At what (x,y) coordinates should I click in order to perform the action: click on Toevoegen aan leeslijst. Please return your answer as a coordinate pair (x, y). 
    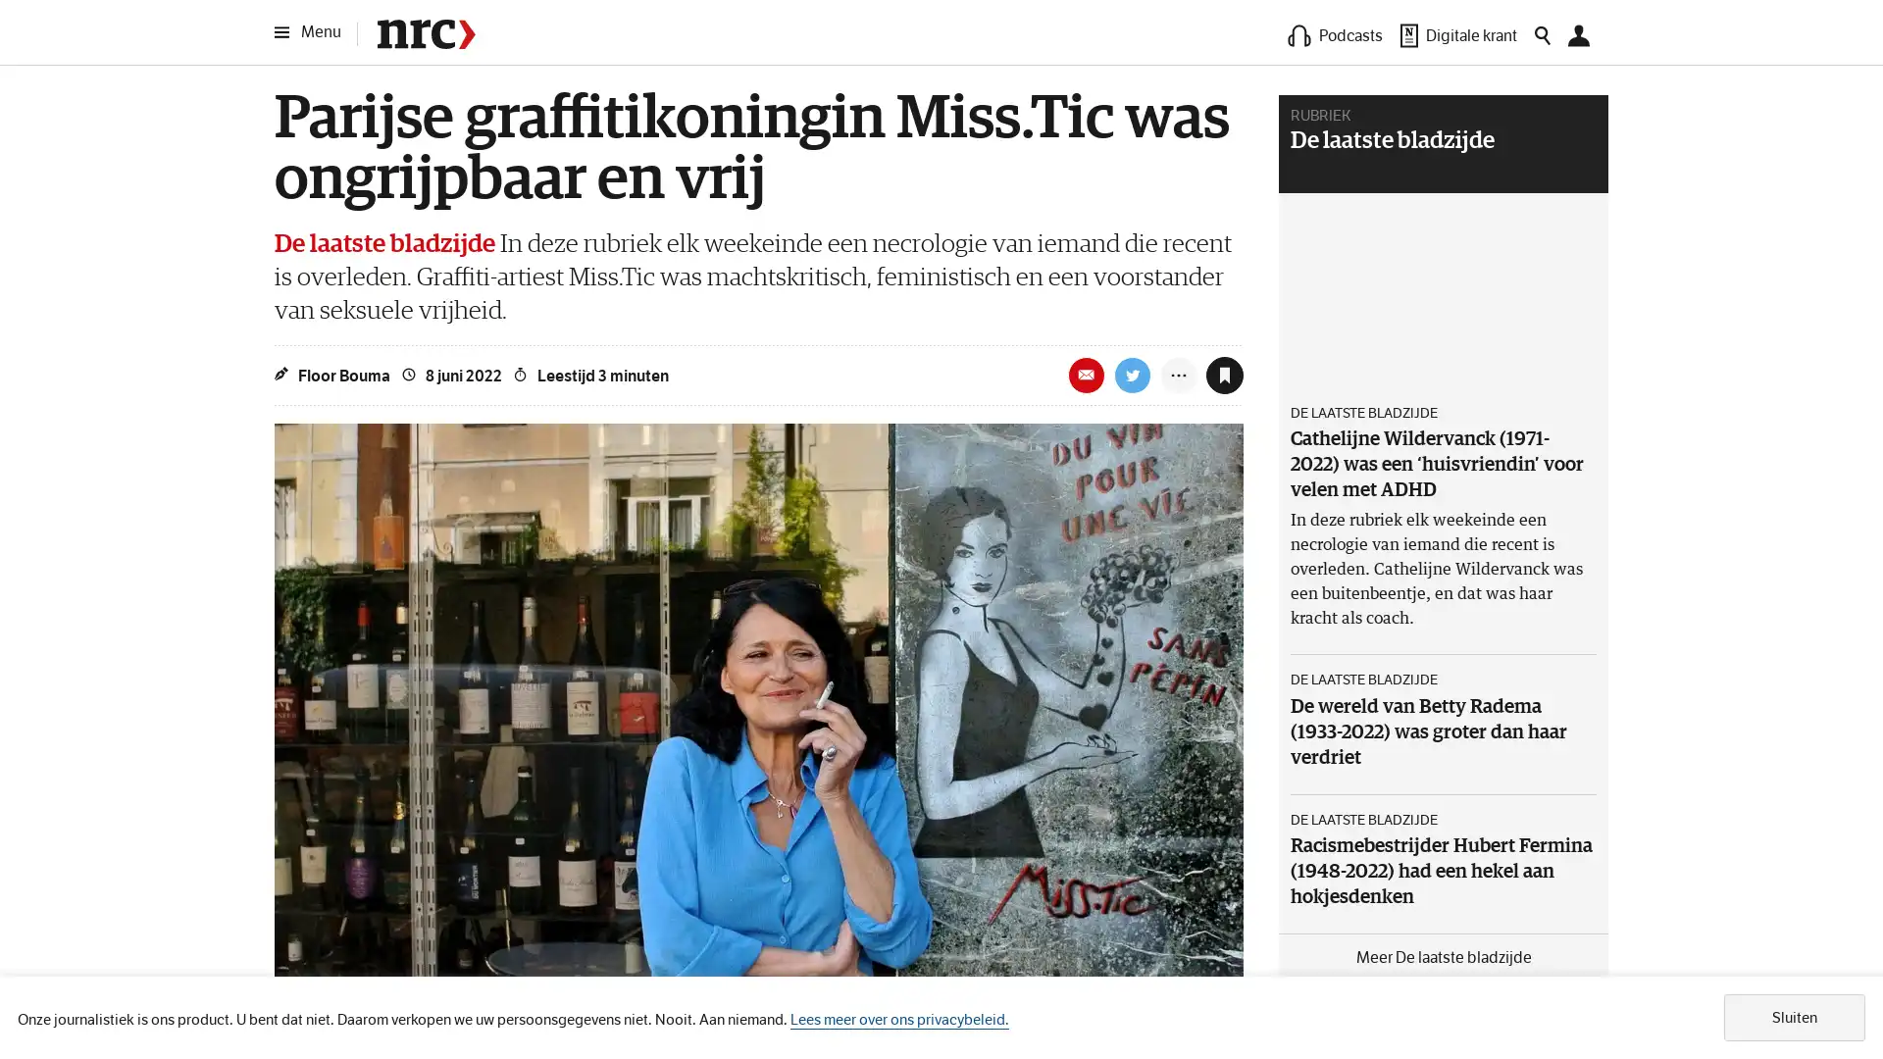
    Looking at the image, I should click on (1223, 375).